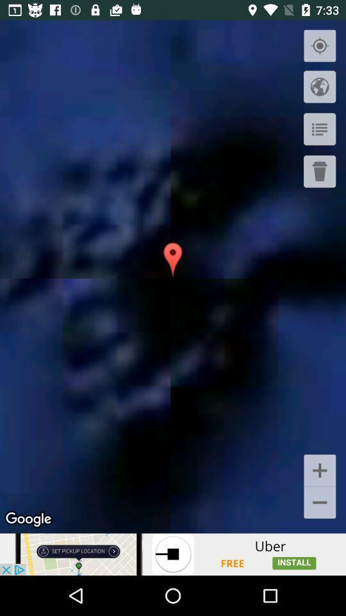  Describe the element at coordinates (319, 503) in the screenshot. I see `the minus icon` at that location.